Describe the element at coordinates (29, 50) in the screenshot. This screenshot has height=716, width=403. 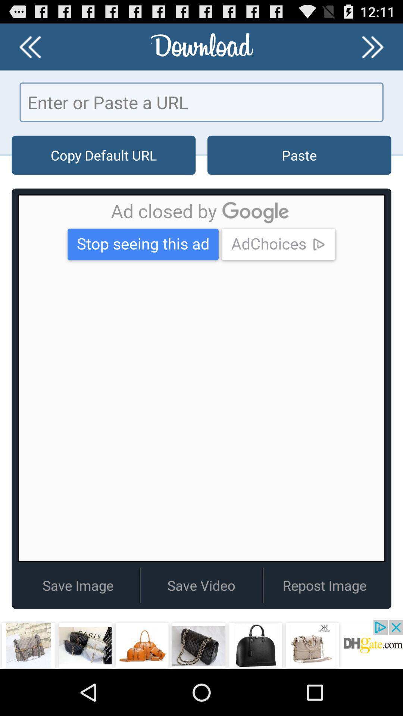
I see `the av_rewind icon` at that location.